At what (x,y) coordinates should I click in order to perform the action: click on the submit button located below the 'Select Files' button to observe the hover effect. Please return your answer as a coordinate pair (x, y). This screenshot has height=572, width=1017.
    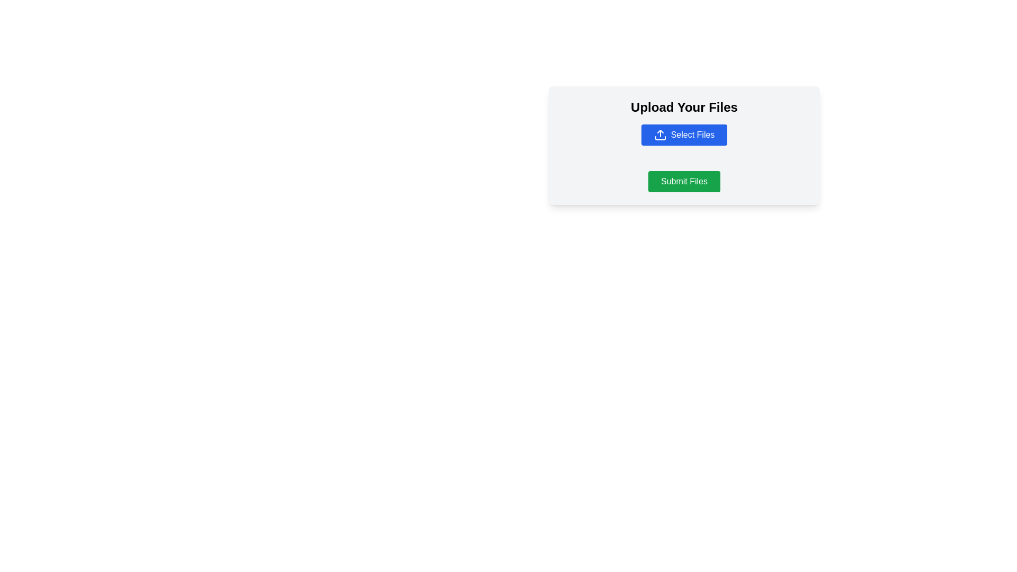
    Looking at the image, I should click on (684, 181).